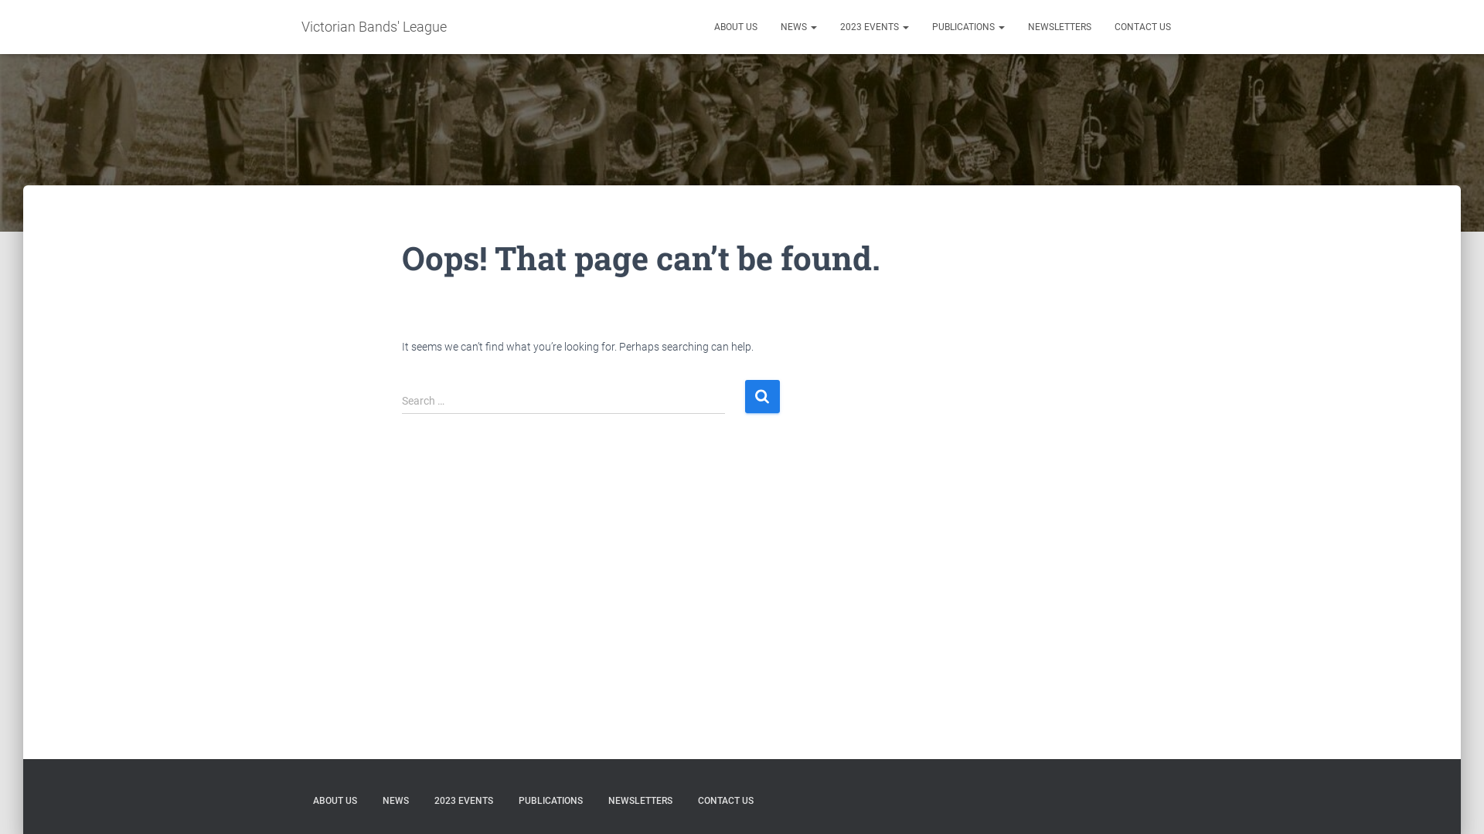 This screenshot has height=834, width=1484. Describe the element at coordinates (550, 800) in the screenshot. I see `'PUBLICATIONS'` at that location.